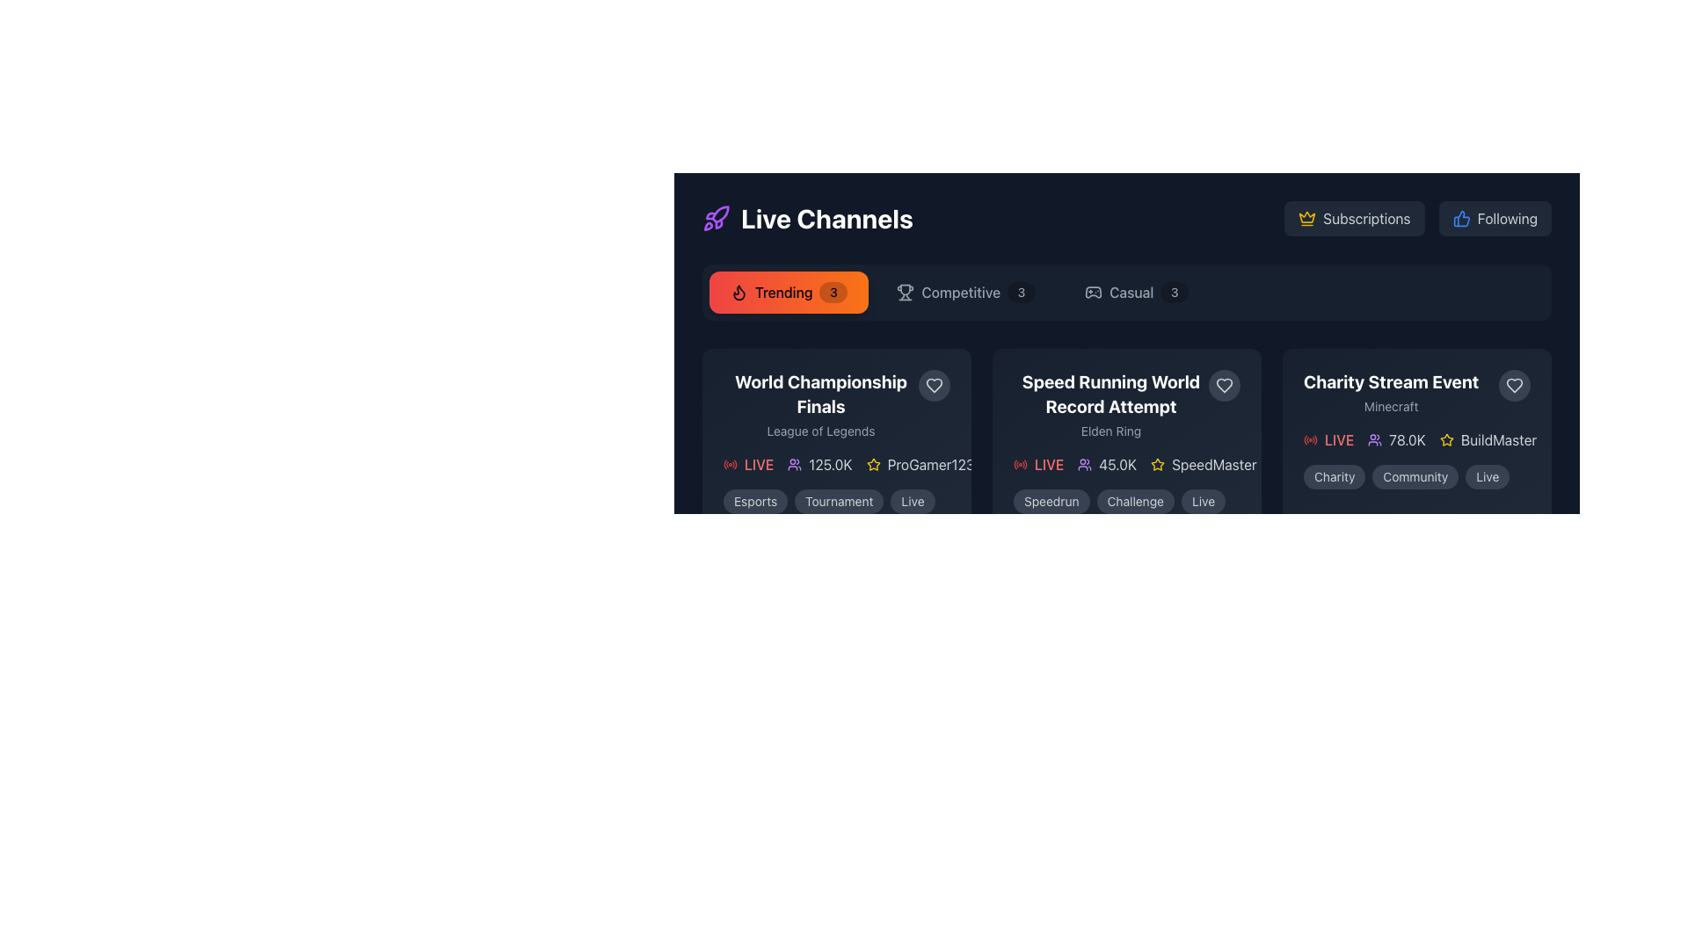  What do you see at coordinates (738, 291) in the screenshot?
I see `the flame-shaped SVG icon with a red fill, which is located near the left side of the 'Trending' button in the header` at bounding box center [738, 291].